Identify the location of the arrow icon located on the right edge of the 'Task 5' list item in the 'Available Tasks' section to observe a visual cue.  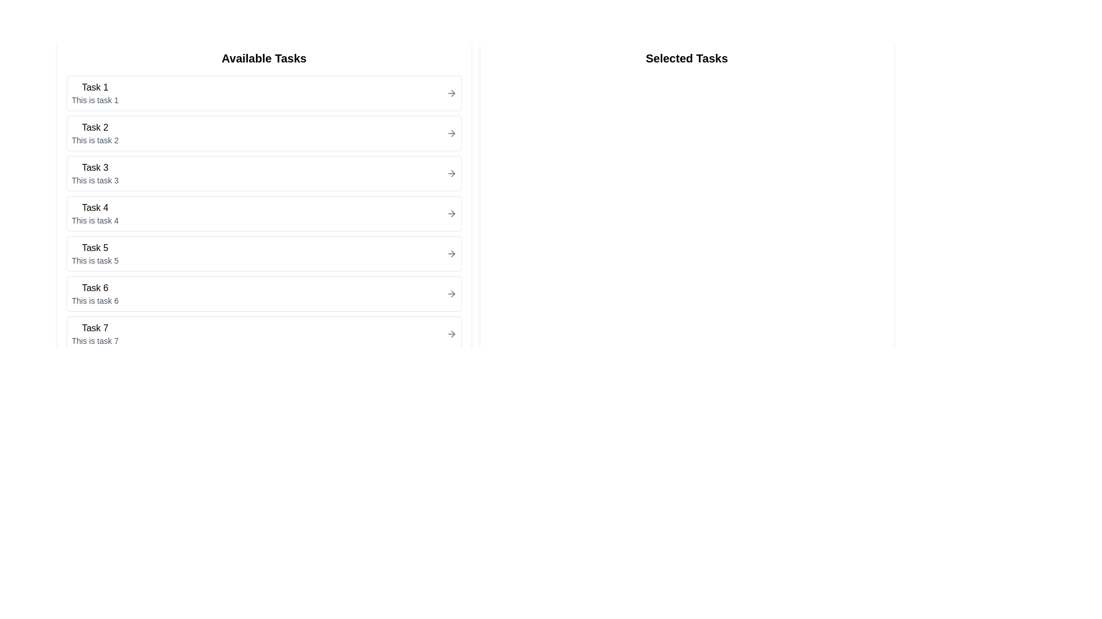
(451, 253).